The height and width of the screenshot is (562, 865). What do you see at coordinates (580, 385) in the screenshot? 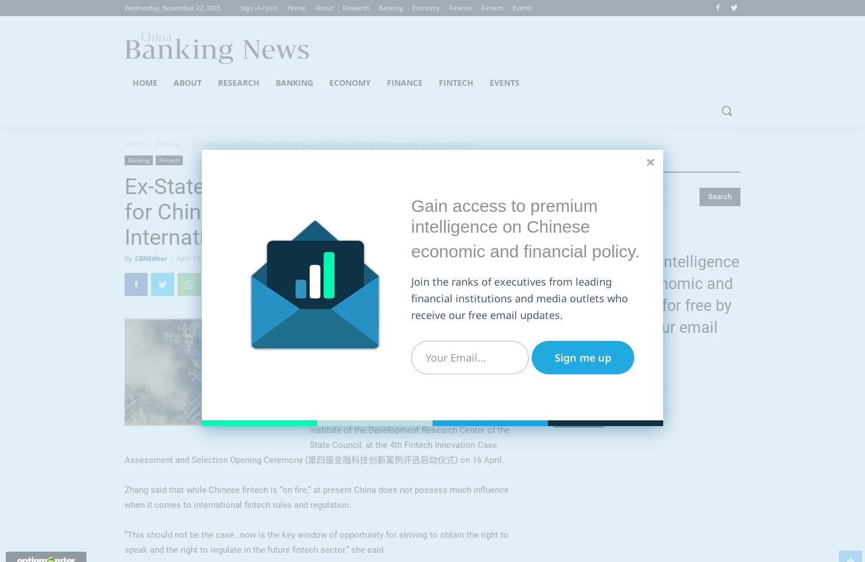
I see `'Email Address'` at bounding box center [580, 385].